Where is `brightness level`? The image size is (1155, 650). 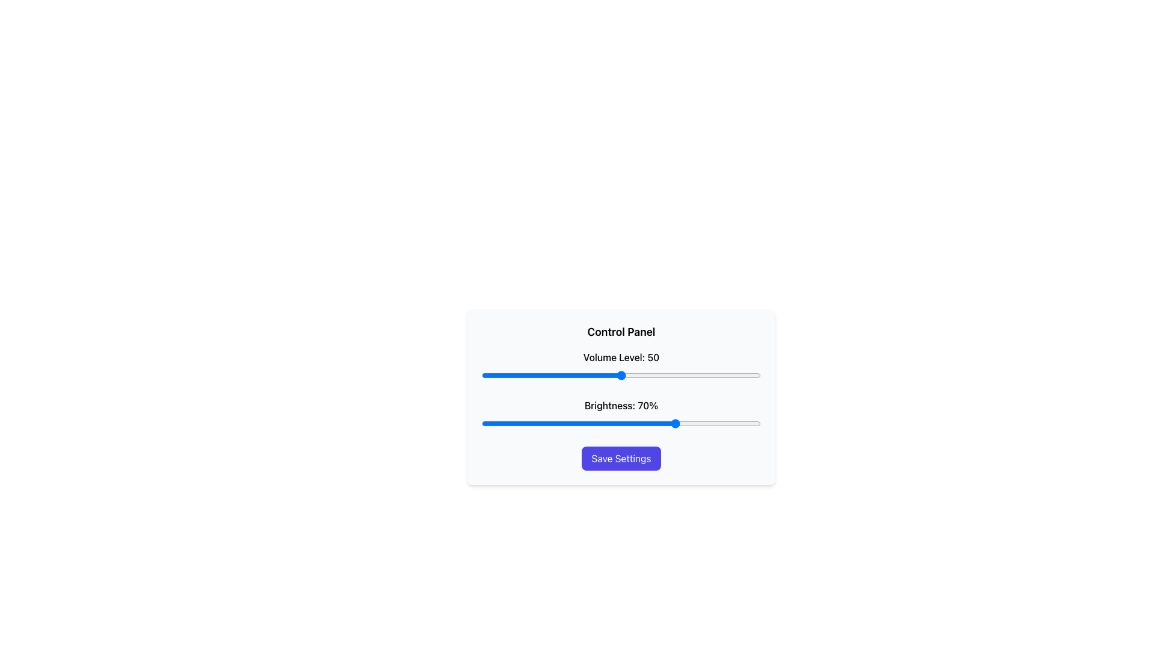 brightness level is located at coordinates (487, 423).